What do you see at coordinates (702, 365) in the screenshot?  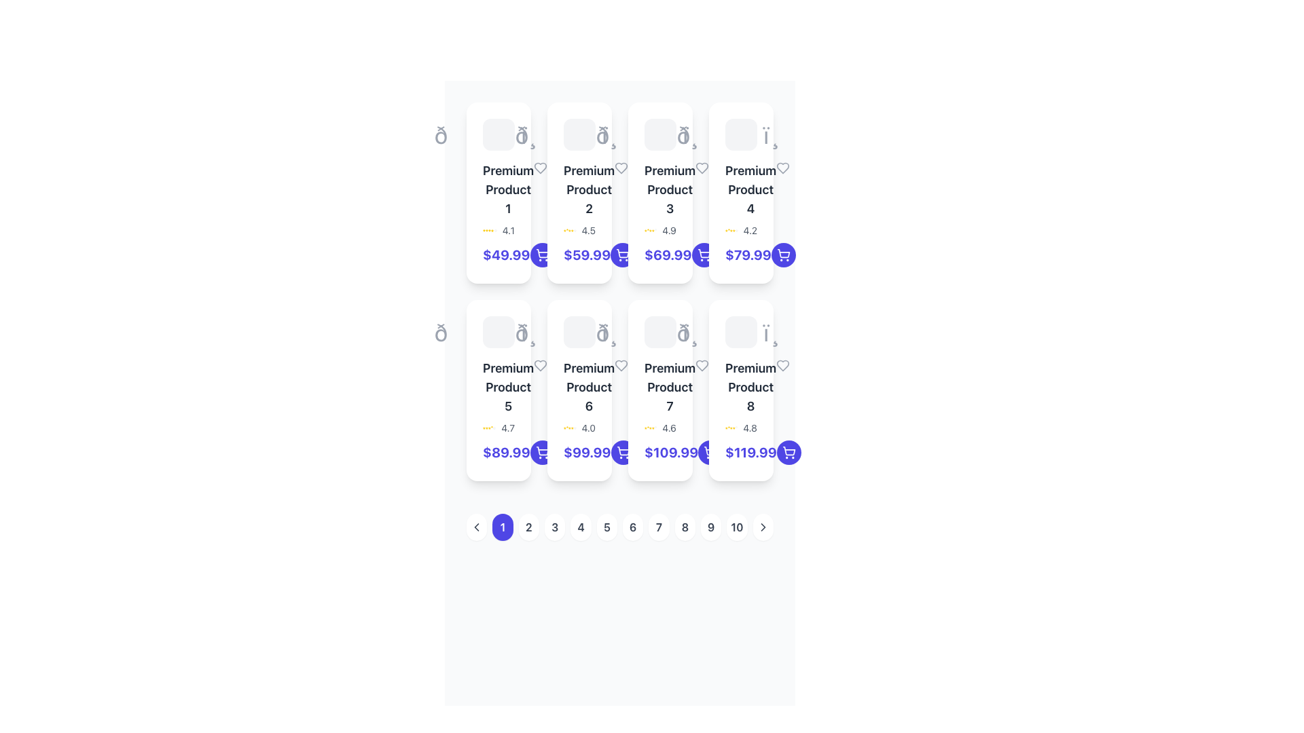 I see `the heart-shaped icon in the upper-right corner of the 'Premium Product 7' card to mark the product as a favorite` at bounding box center [702, 365].